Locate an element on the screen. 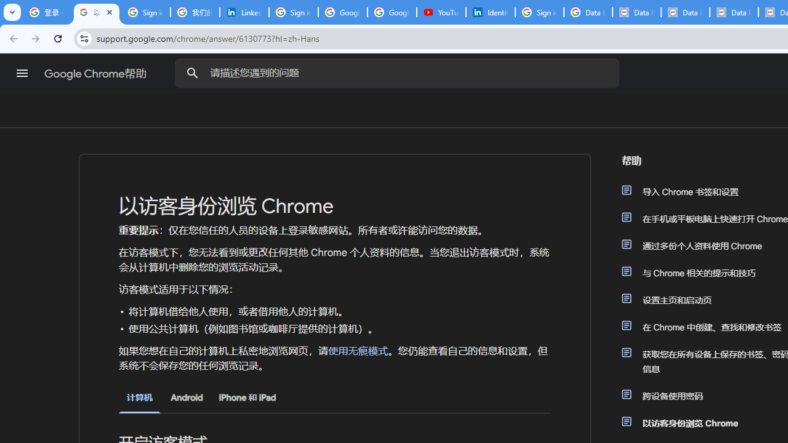 This screenshot has width=788, height=443. 'Data Privacy Framework' is located at coordinates (685, 12).